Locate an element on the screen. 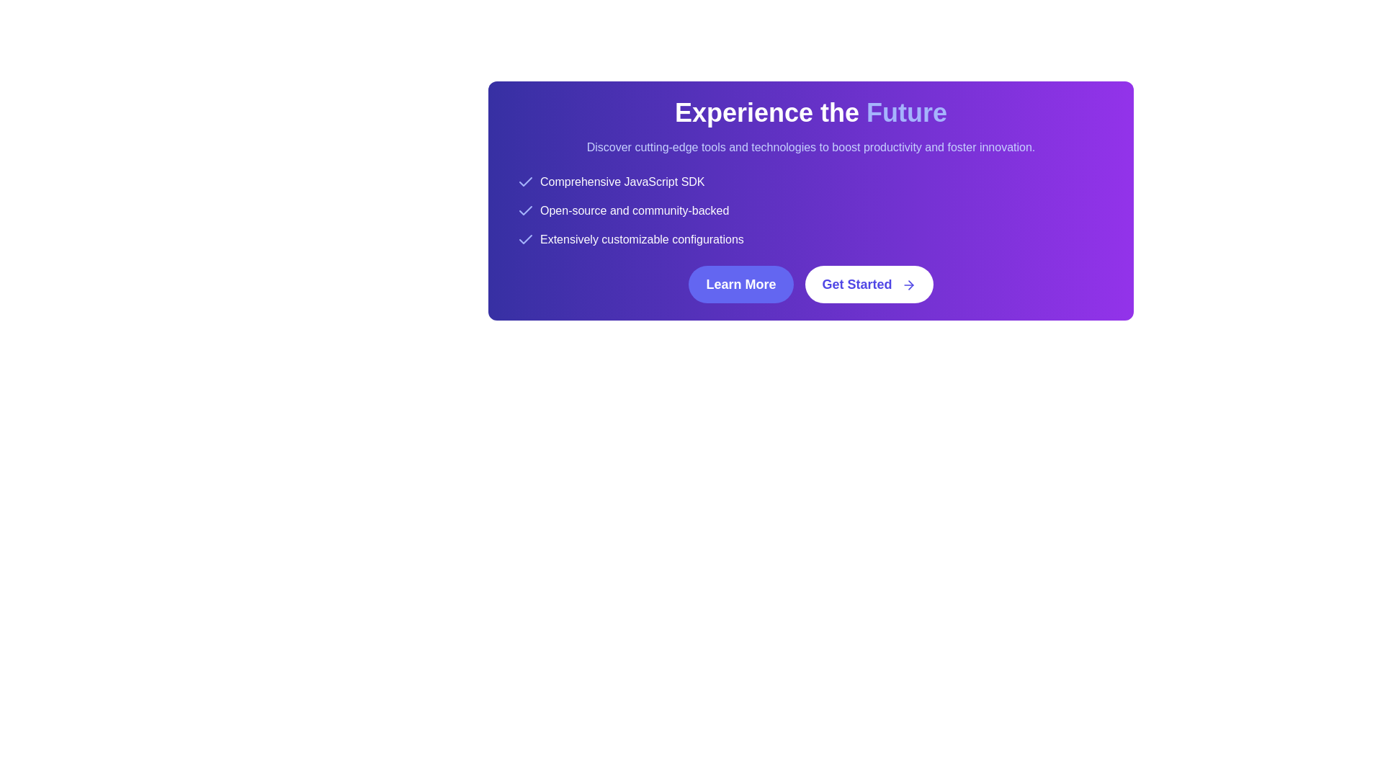 This screenshot has height=778, width=1383. the 'Get Started' button, which contains a directional SVG icon, to trigger a tooltip or style change is located at coordinates (910, 285).